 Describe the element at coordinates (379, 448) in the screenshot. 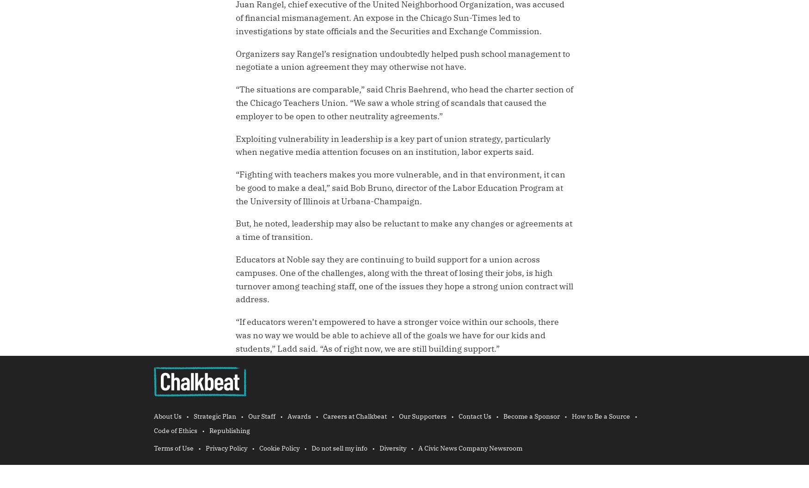

I see `'Diversity'` at that location.